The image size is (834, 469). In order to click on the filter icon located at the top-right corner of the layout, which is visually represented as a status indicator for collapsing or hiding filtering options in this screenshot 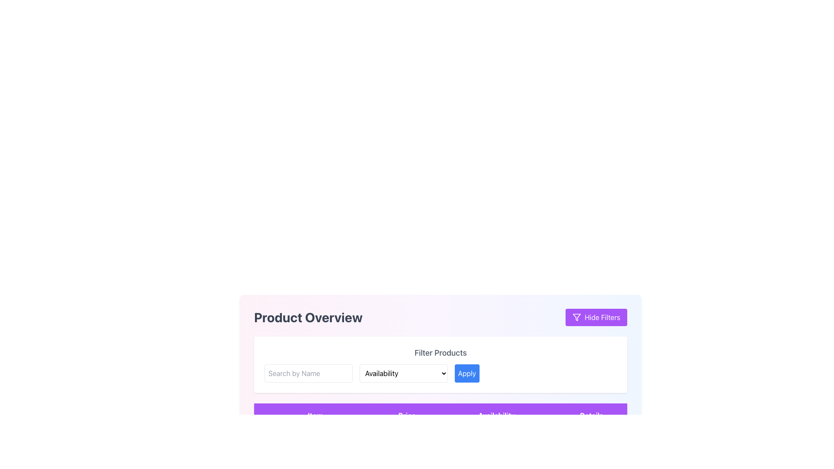, I will do `click(577, 317)`.